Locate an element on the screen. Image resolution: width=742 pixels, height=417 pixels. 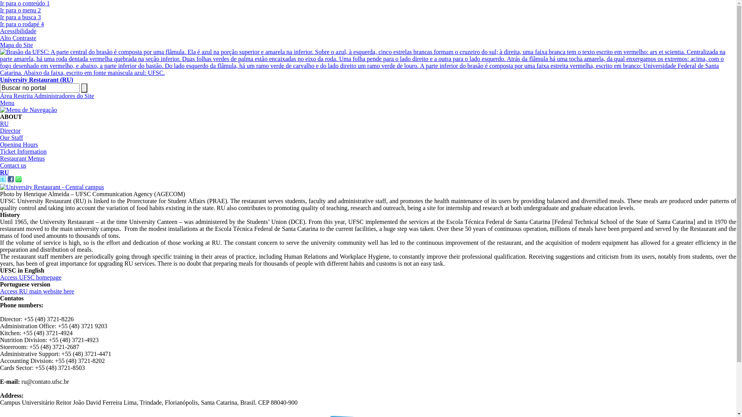
'Ir para a busca 3' is located at coordinates (20, 17).